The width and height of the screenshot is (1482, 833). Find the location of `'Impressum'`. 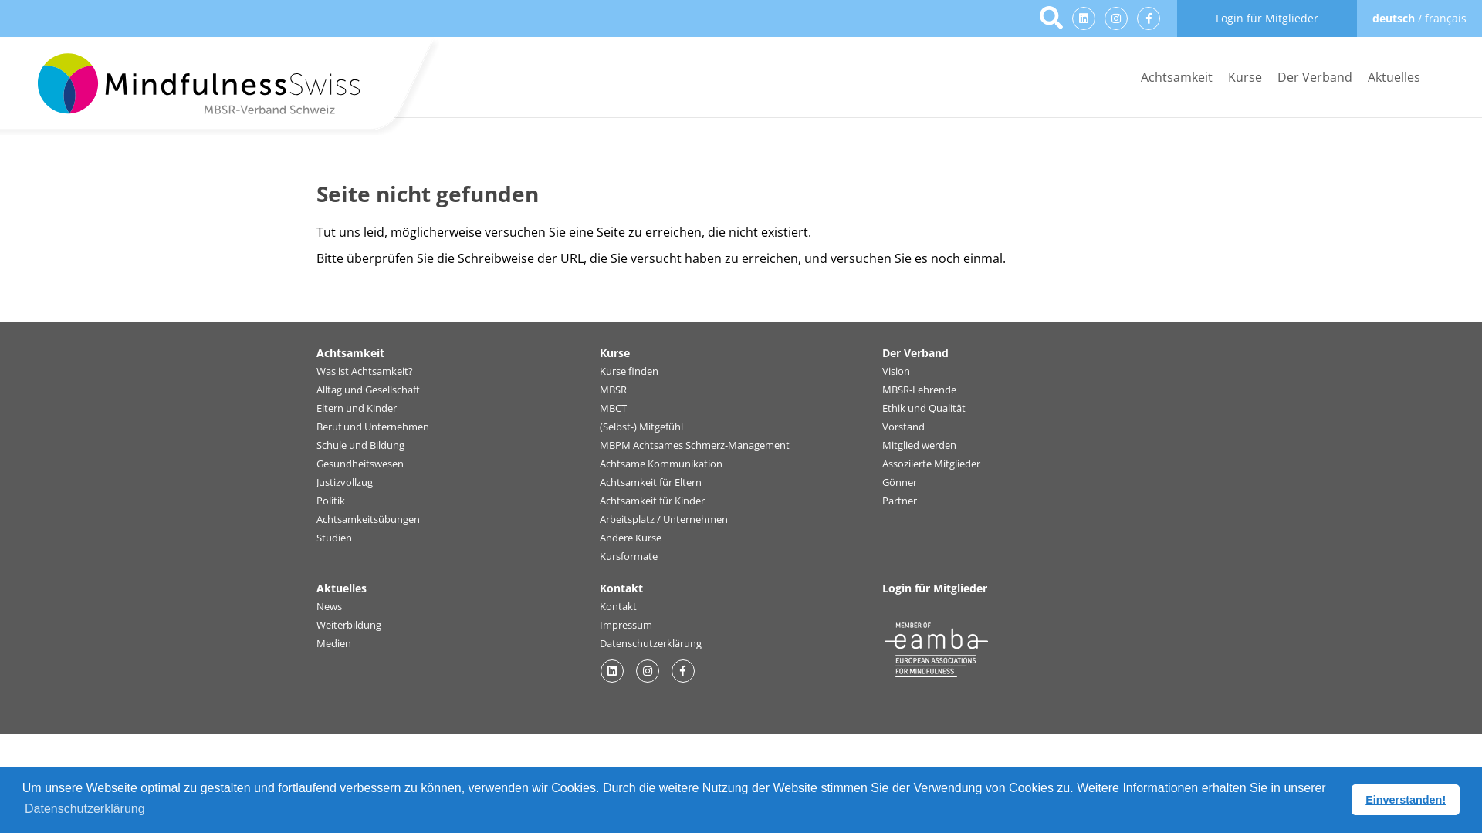

'Impressum' is located at coordinates (626, 625).